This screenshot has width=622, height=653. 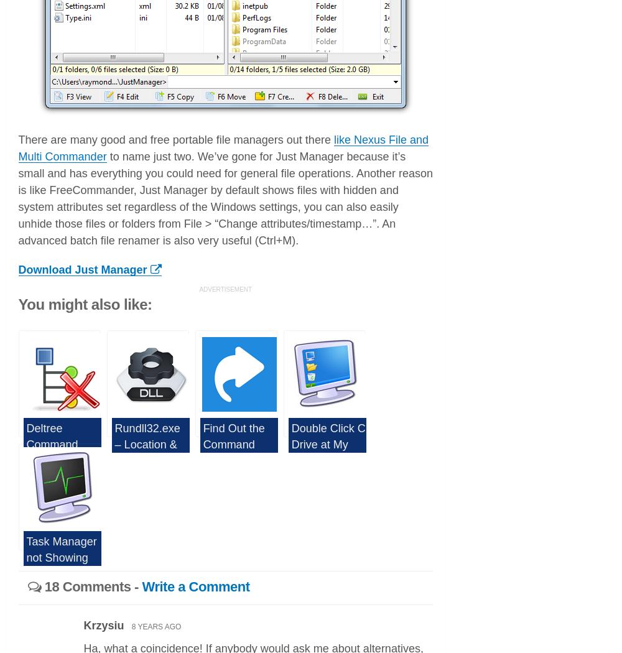 What do you see at coordinates (328, 459) in the screenshot?
I see `'Double Click C Drive at My Computer And Not Opening Fix'` at bounding box center [328, 459].